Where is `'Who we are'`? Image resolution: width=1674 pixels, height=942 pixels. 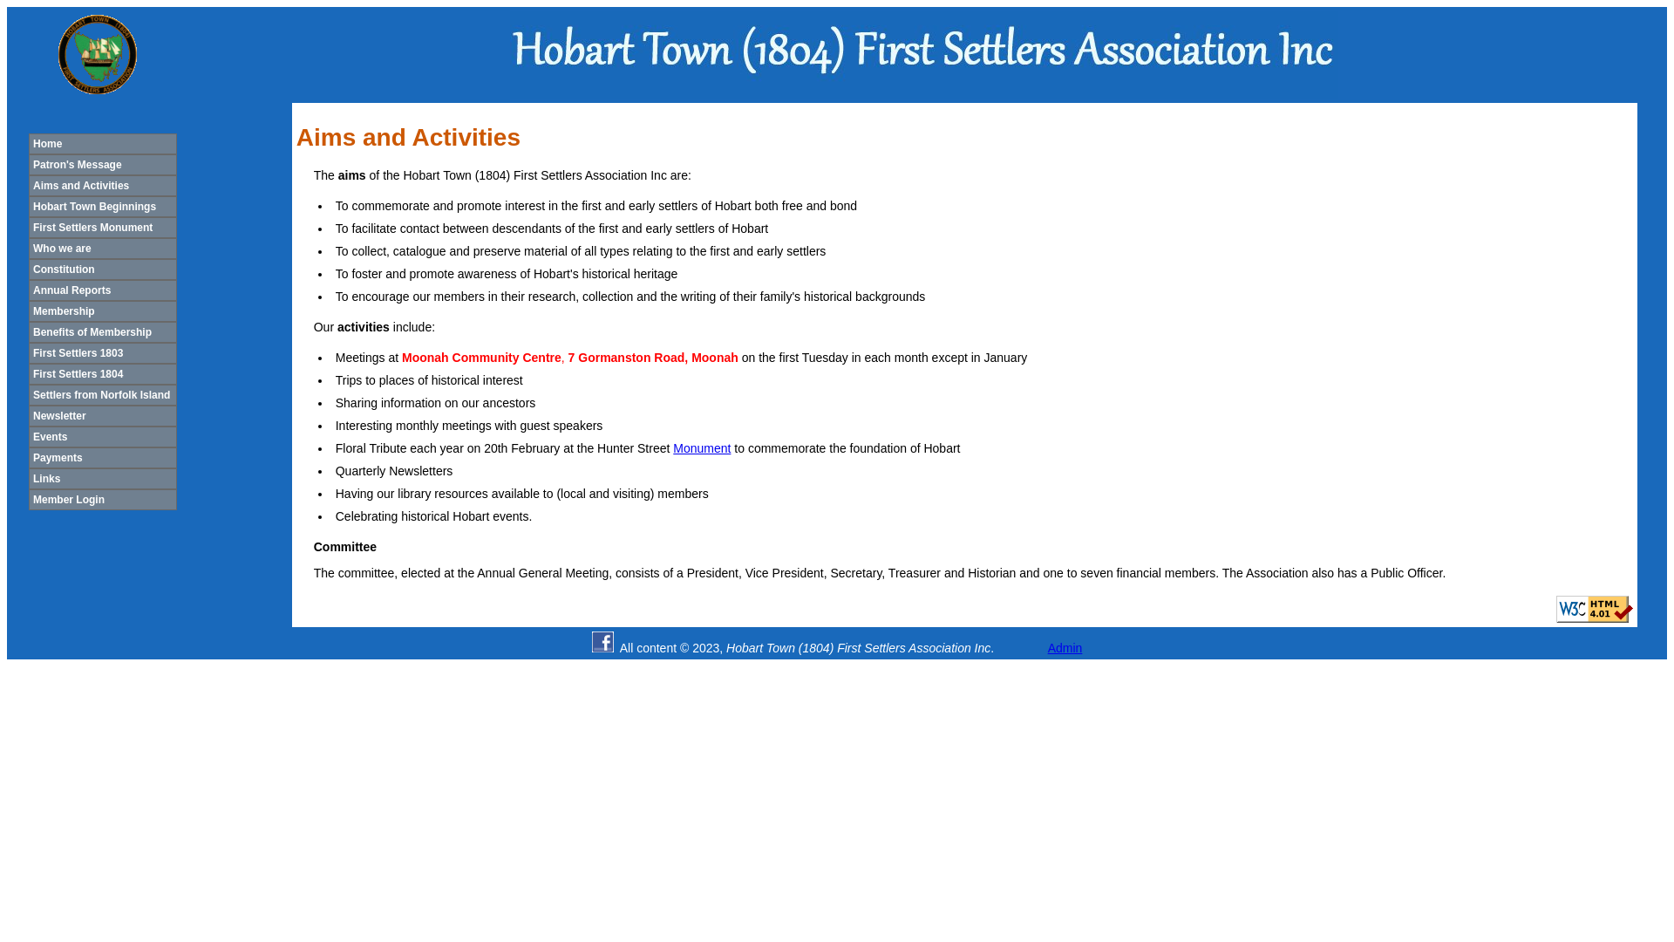
'Who we are' is located at coordinates (29, 249).